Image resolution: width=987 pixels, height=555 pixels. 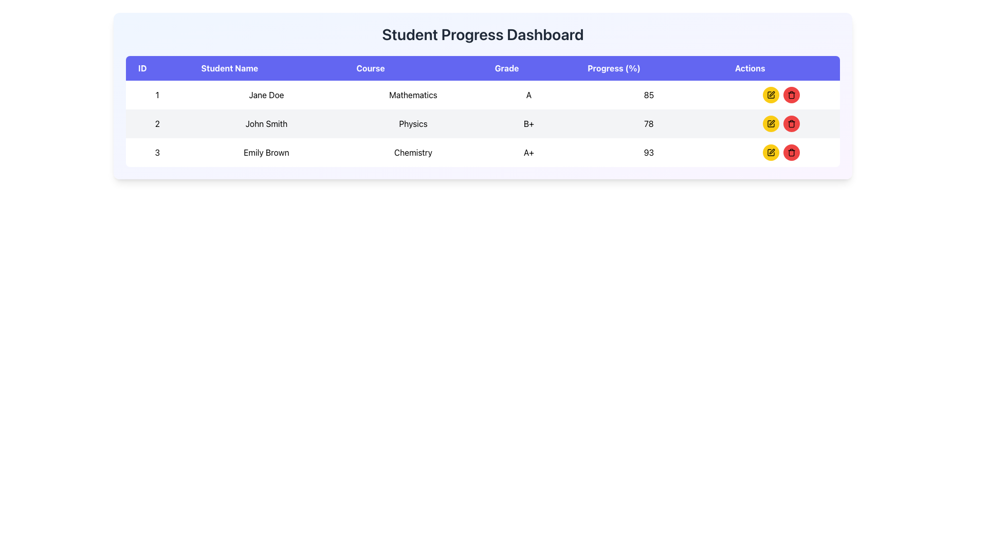 I want to click on the red circular delete button with a trash can icon located in the second position of the 'Actions' column in the third row of the data table, so click(x=791, y=153).